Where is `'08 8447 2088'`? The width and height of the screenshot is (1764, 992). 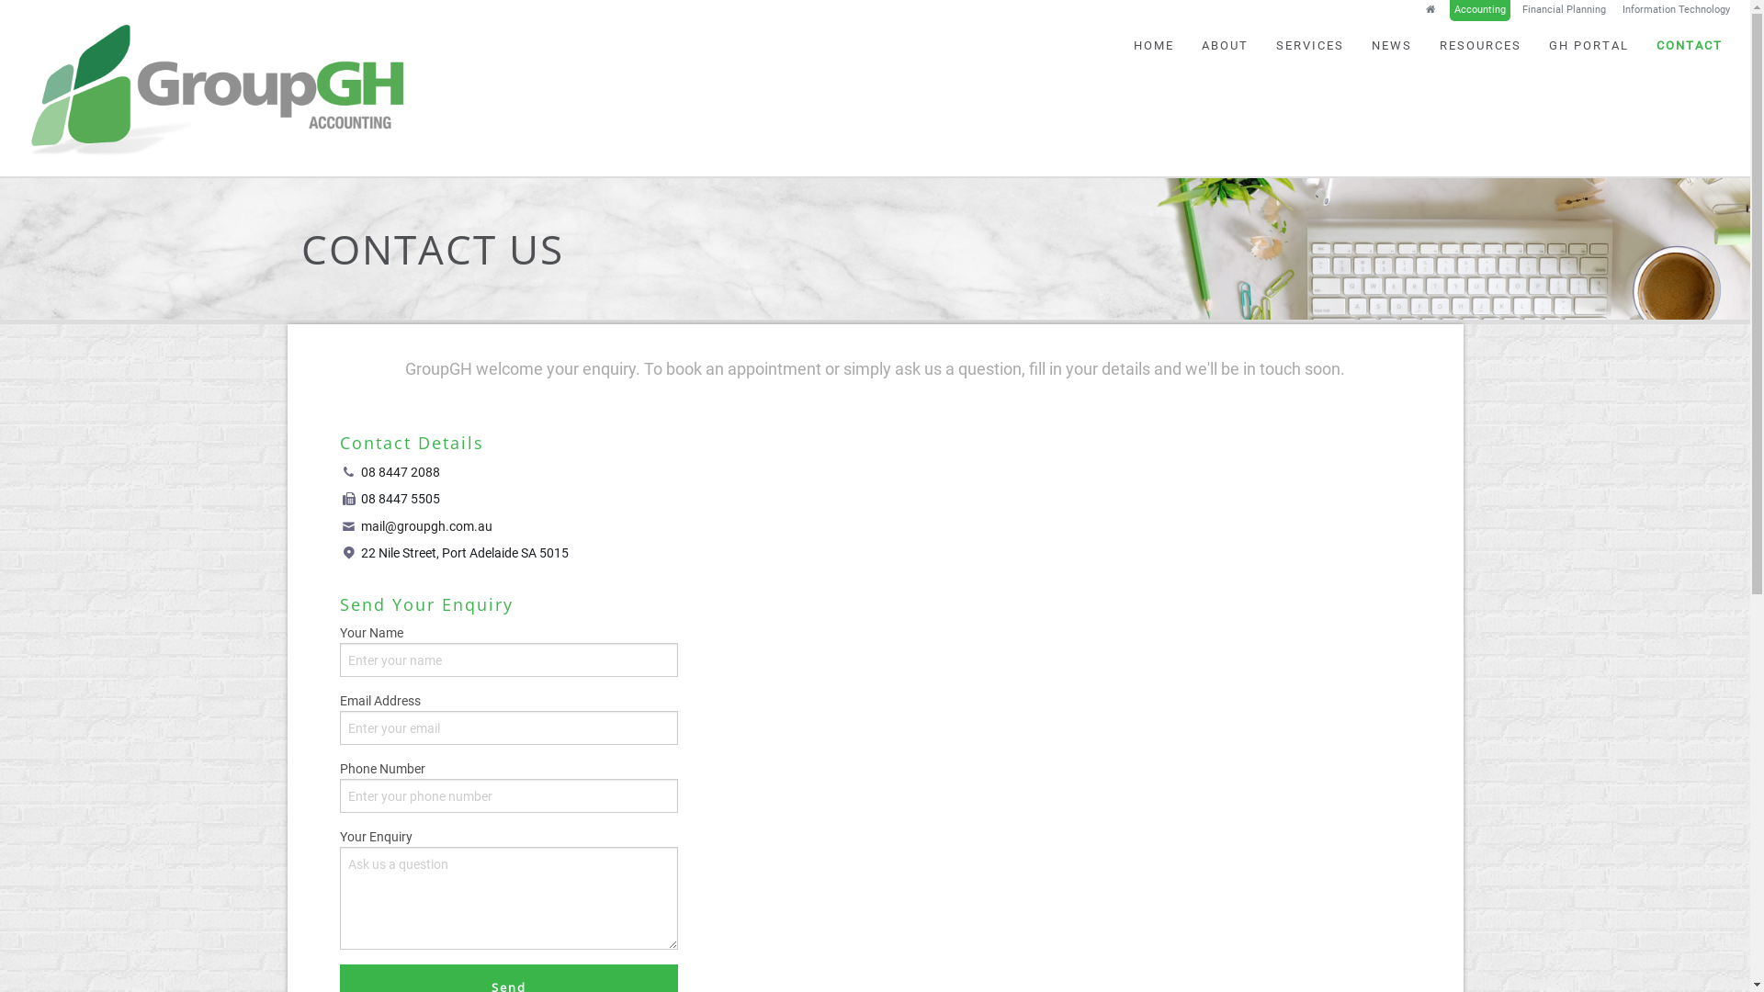
'08 8447 2088' is located at coordinates (361, 471).